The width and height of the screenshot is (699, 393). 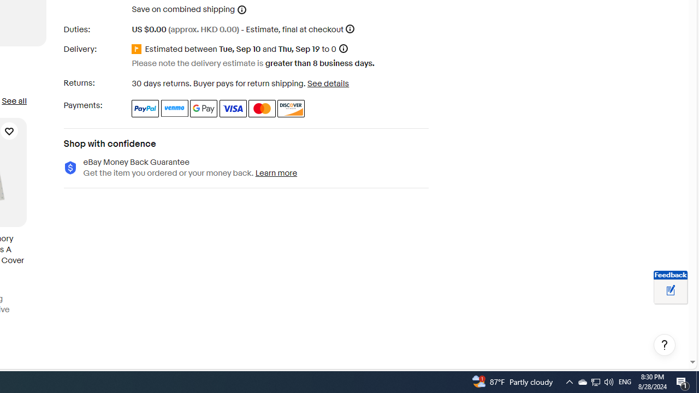 What do you see at coordinates (262, 108) in the screenshot?
I see `'Master Card'` at bounding box center [262, 108].